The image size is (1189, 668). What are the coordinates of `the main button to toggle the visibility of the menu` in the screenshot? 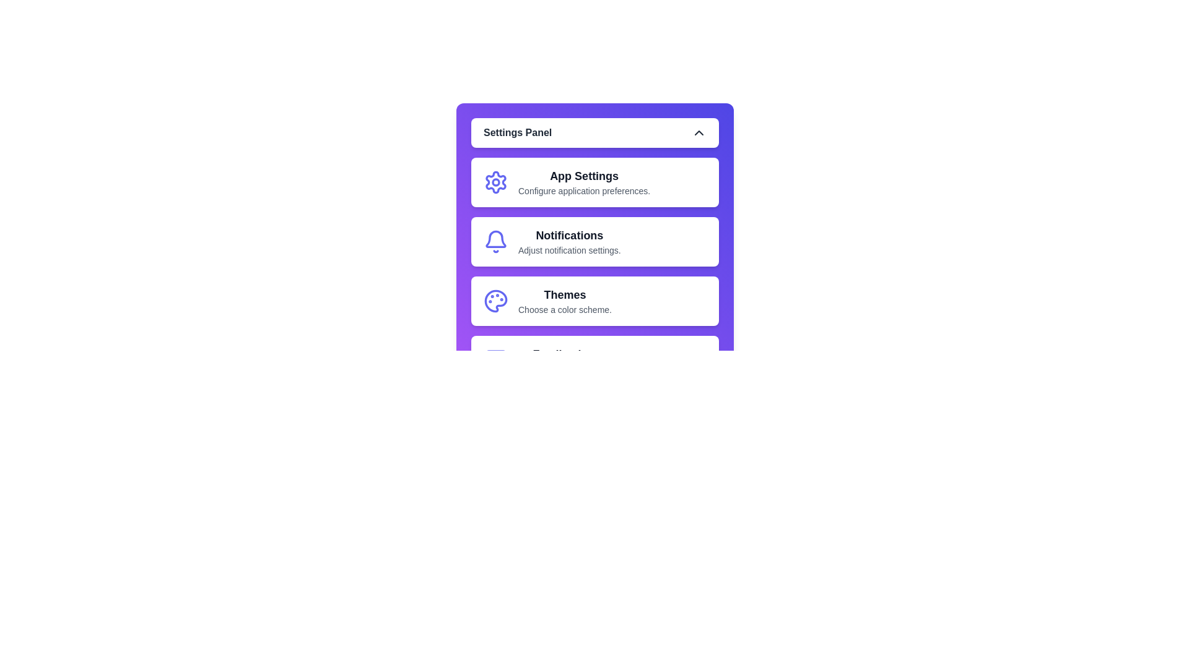 It's located at (594, 133).